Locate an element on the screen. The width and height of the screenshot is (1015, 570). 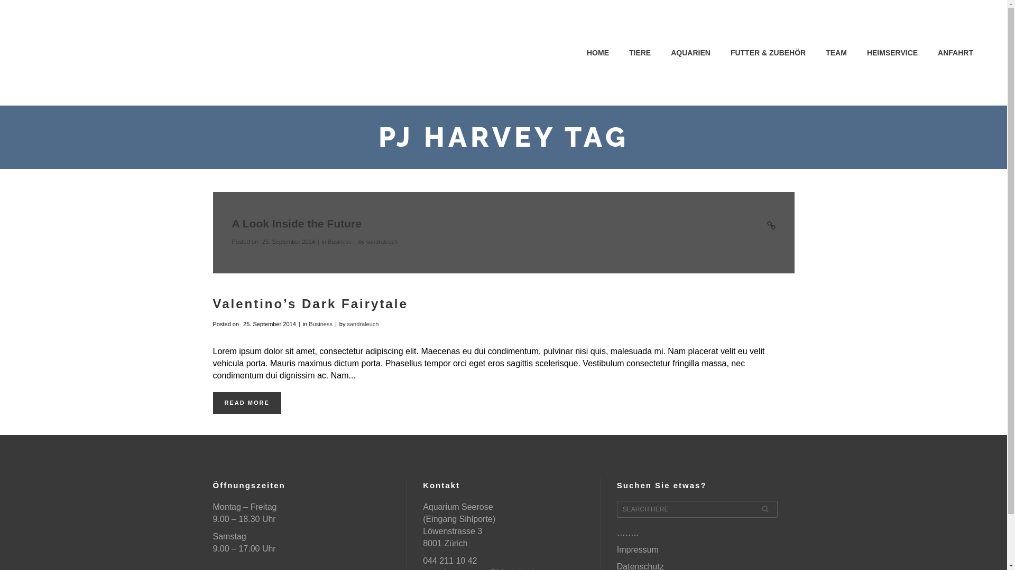
'HOME' is located at coordinates (598, 53).